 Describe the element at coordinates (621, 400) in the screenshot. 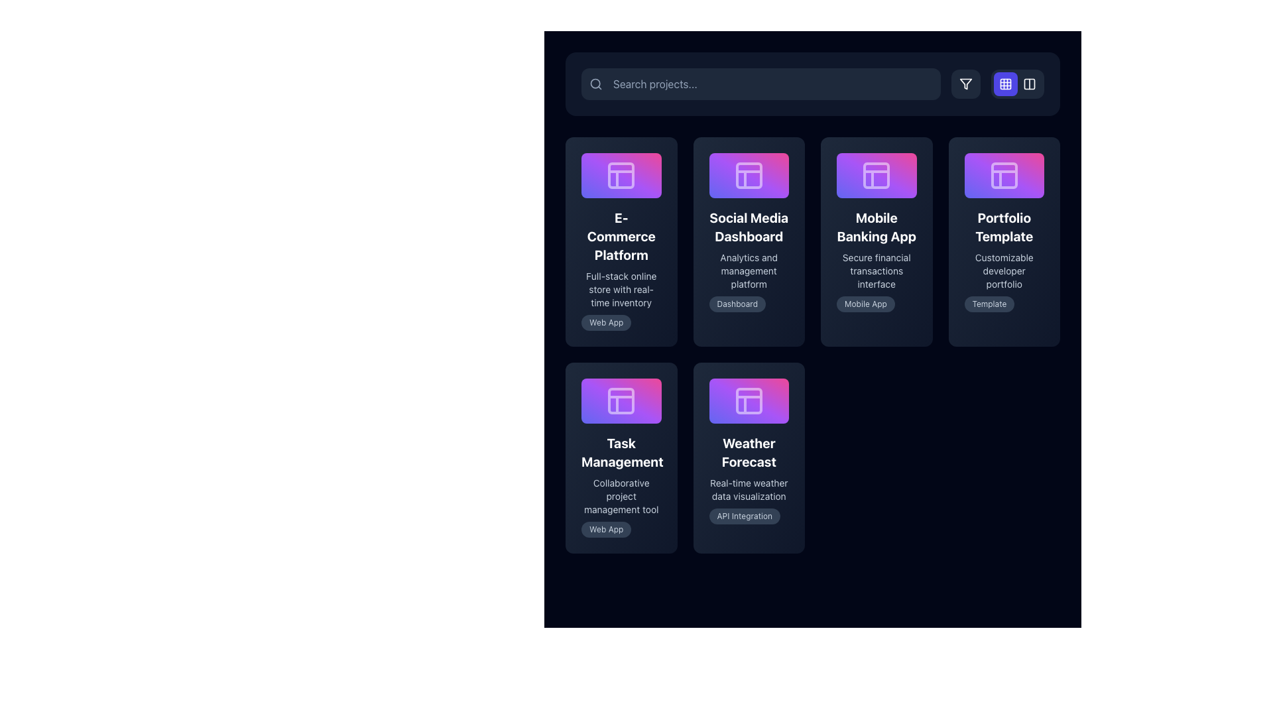

I see `the decorative icon representing a concept or category in the 'Task Management' application interface, located in the lower row and left column of the grid layout` at that location.